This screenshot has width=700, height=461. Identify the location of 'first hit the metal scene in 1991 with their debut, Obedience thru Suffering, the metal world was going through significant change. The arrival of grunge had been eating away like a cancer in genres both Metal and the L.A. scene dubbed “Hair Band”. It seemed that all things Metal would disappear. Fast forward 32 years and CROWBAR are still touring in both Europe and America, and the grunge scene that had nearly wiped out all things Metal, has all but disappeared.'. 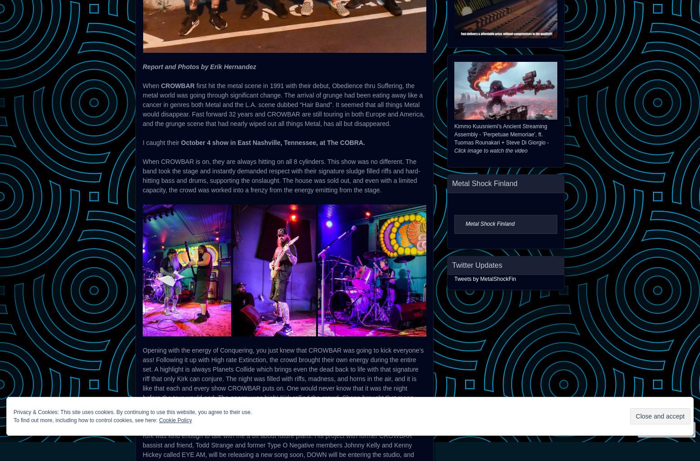
(283, 104).